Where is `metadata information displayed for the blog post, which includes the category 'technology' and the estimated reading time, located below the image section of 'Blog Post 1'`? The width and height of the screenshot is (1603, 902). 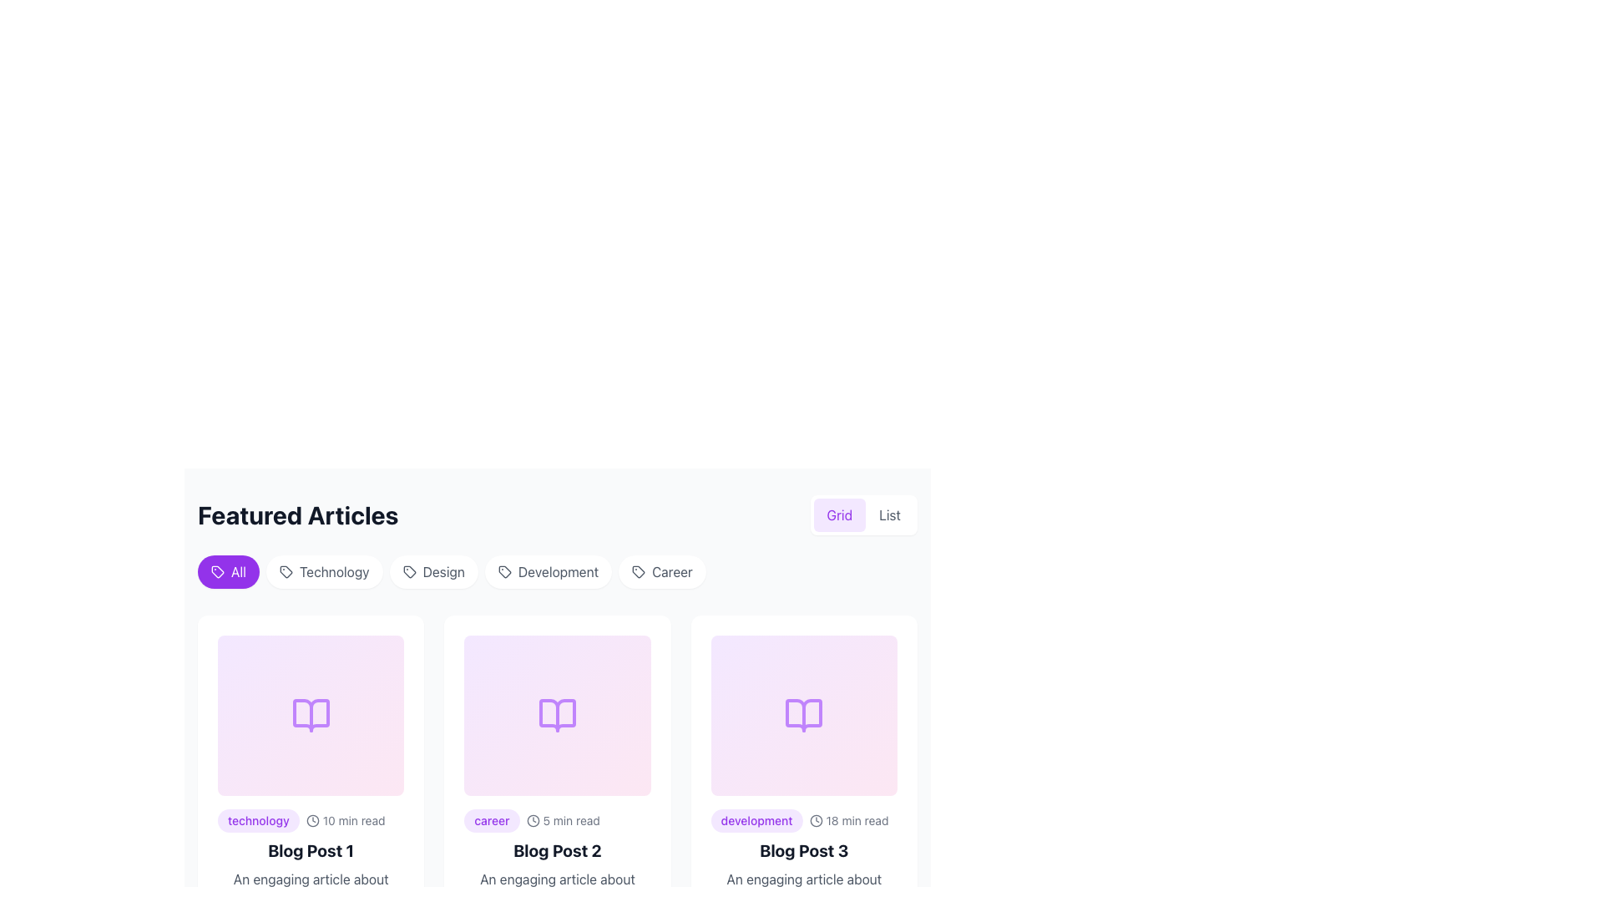 metadata information displayed for the blog post, which includes the category 'technology' and the estimated reading time, located below the image section of 'Blog Post 1' is located at coordinates (311, 820).